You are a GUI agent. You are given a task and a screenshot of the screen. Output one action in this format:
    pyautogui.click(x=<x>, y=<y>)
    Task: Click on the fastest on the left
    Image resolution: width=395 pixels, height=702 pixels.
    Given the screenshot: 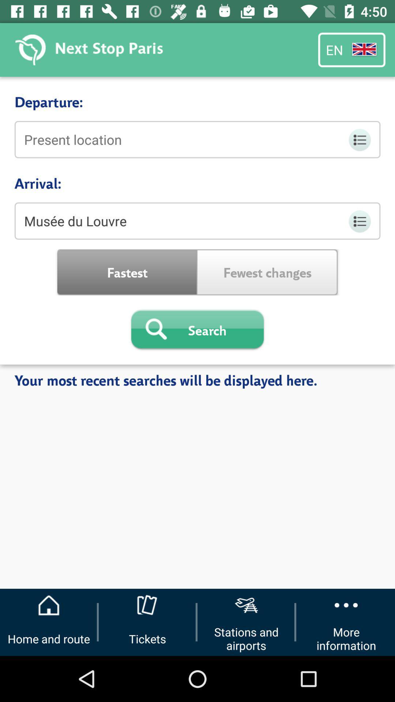 What is the action you would take?
    pyautogui.click(x=127, y=272)
    